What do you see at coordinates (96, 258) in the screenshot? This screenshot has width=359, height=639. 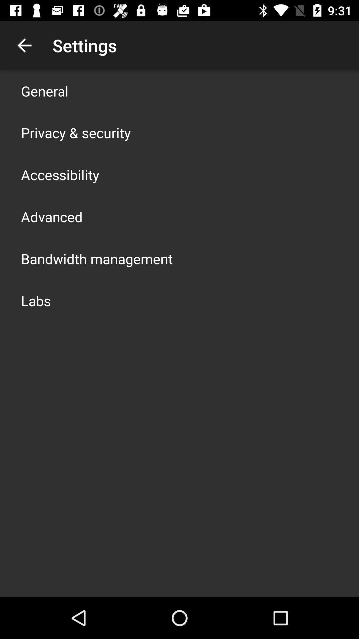 I see `icon below advanced icon` at bounding box center [96, 258].